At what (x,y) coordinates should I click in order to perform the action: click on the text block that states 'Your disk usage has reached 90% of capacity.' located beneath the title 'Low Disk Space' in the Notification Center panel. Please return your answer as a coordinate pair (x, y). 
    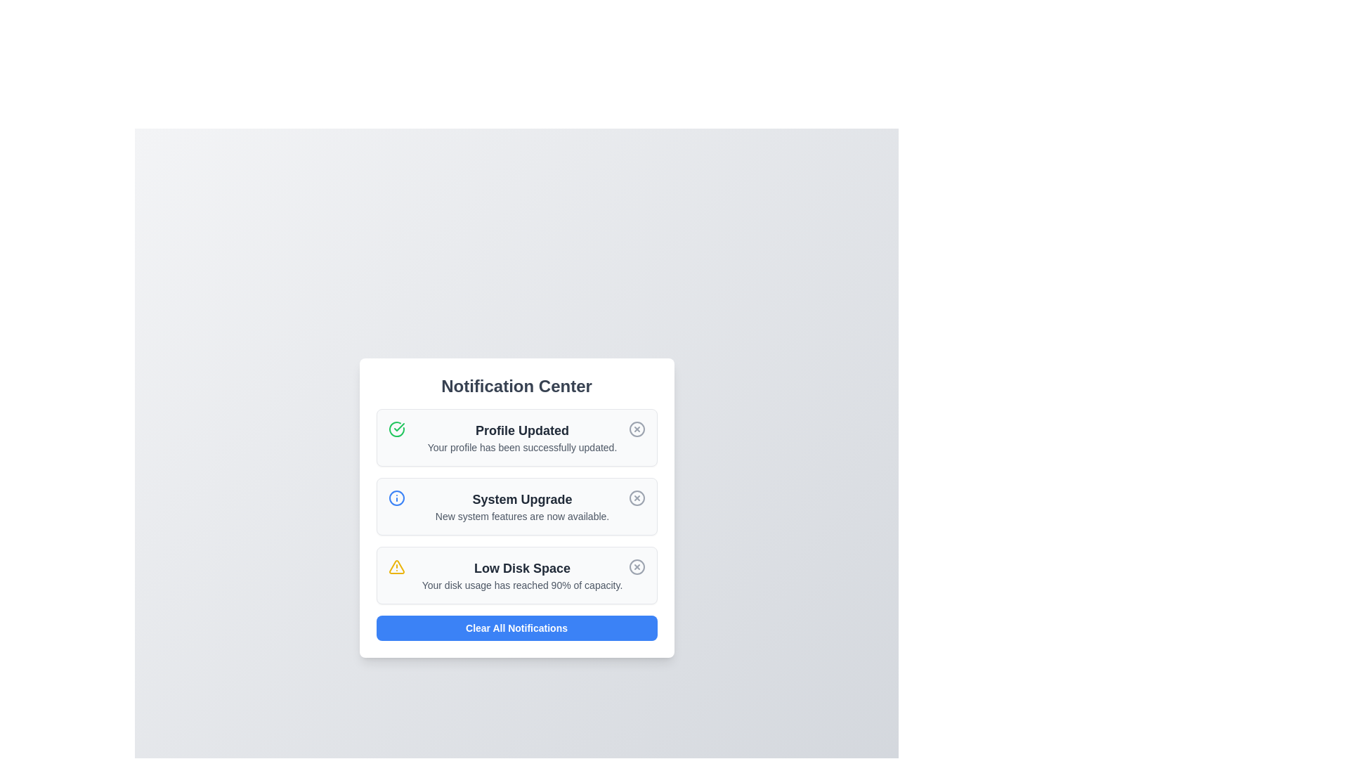
    Looking at the image, I should click on (521, 585).